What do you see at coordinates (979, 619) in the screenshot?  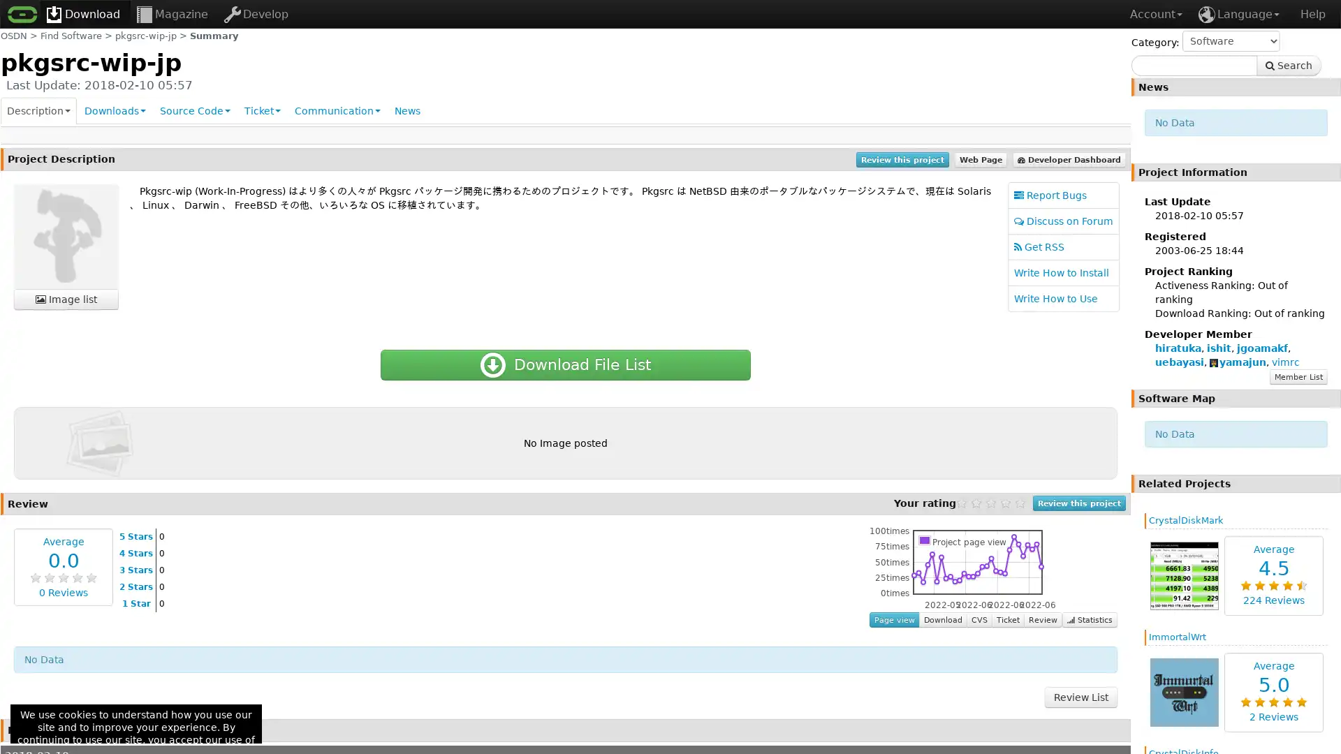 I see `CVS` at bounding box center [979, 619].